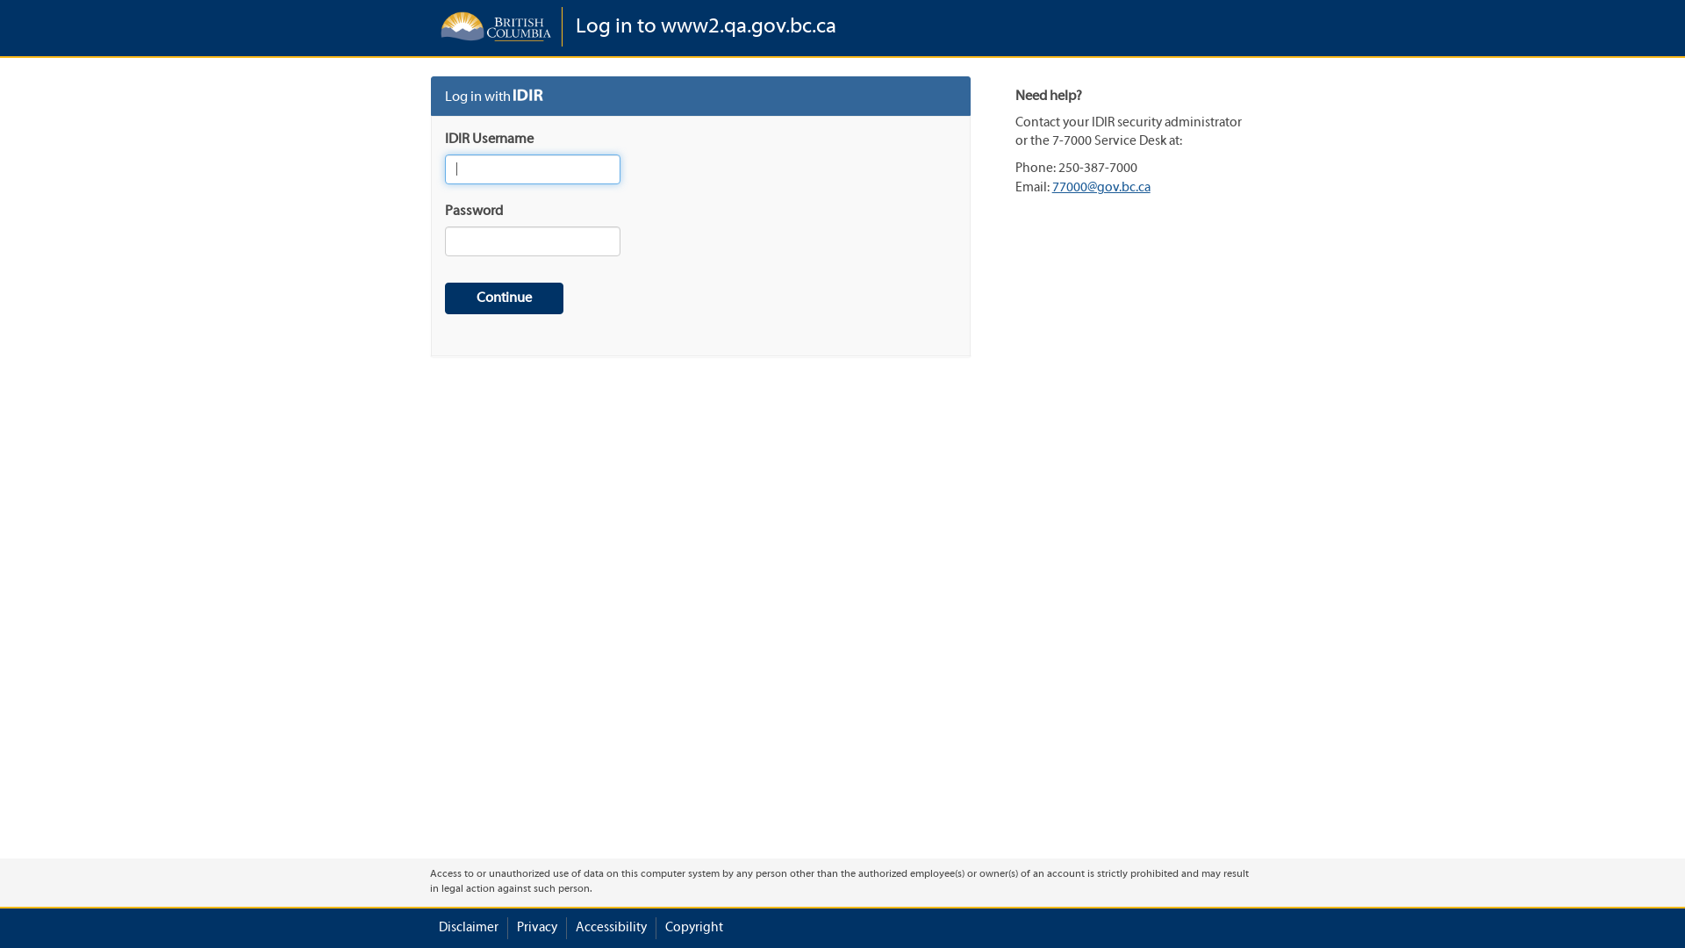 The width and height of the screenshot is (1685, 948). What do you see at coordinates (664, 927) in the screenshot?
I see `'Copyright'` at bounding box center [664, 927].